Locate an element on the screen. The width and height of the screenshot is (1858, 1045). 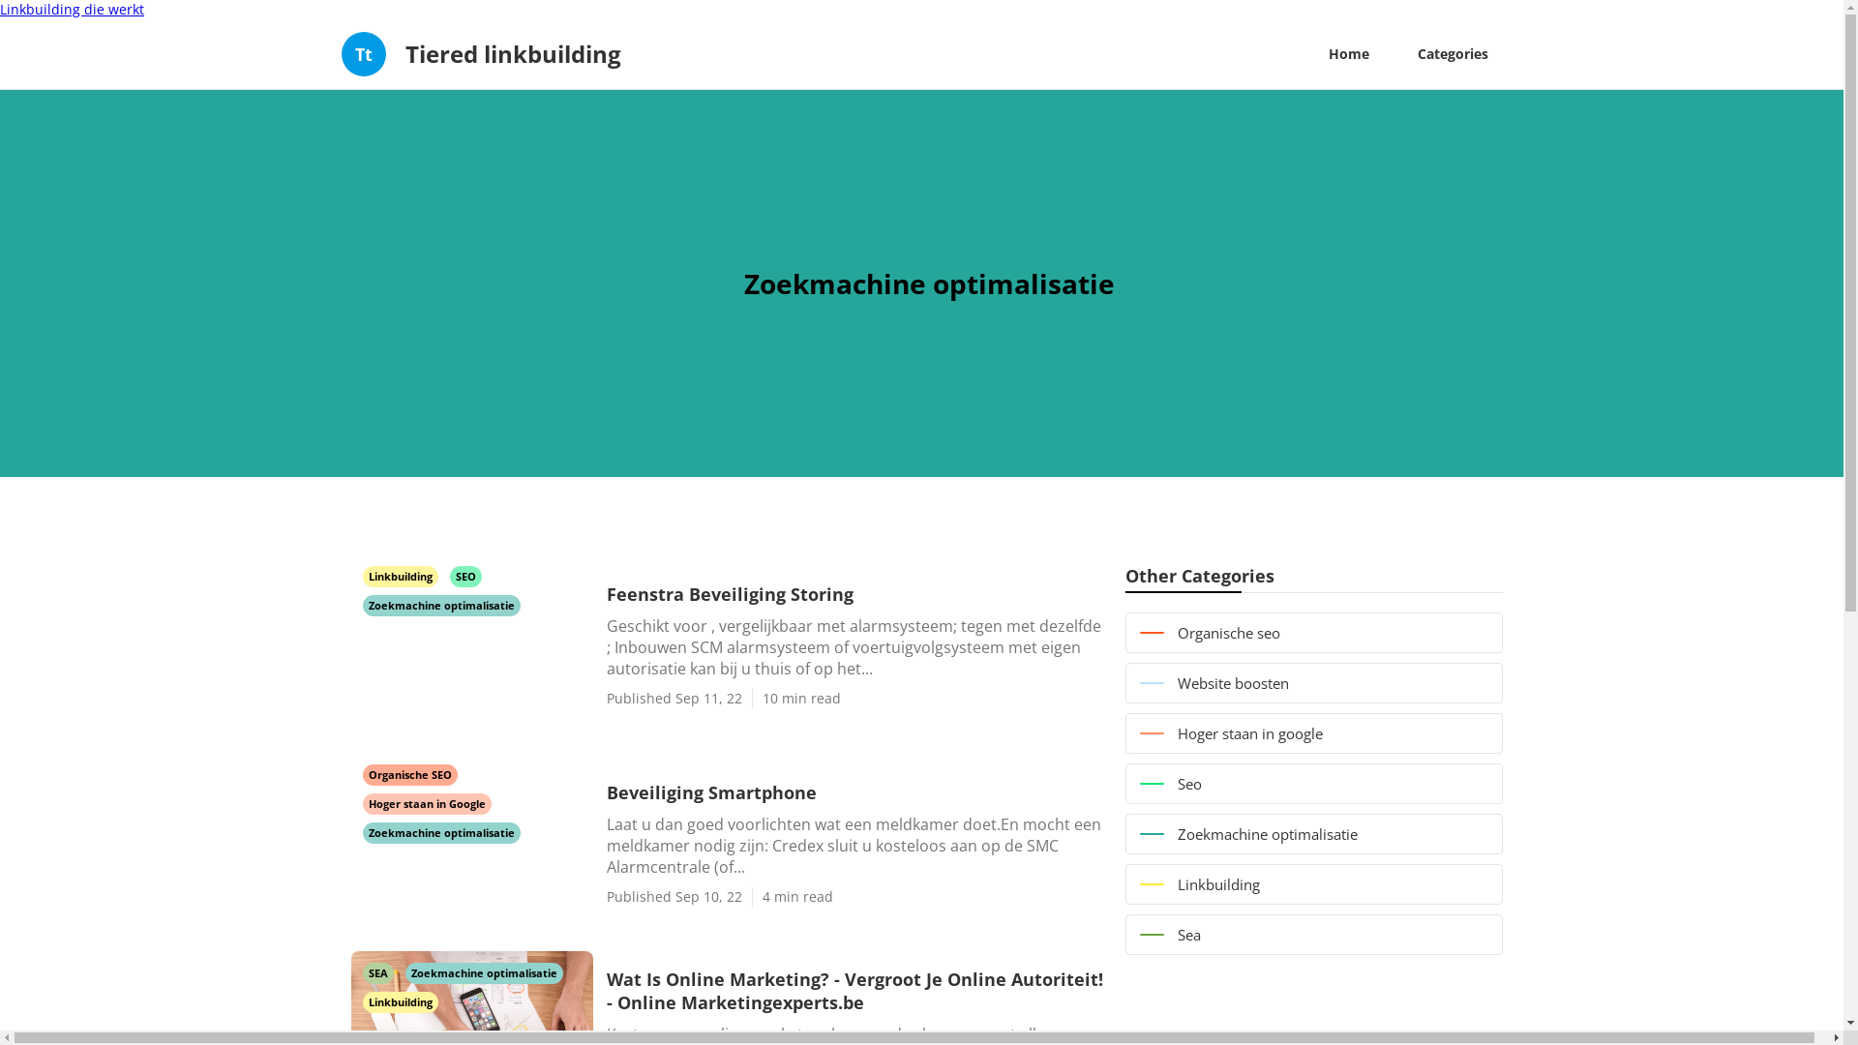
'Sea' is located at coordinates (1313, 933).